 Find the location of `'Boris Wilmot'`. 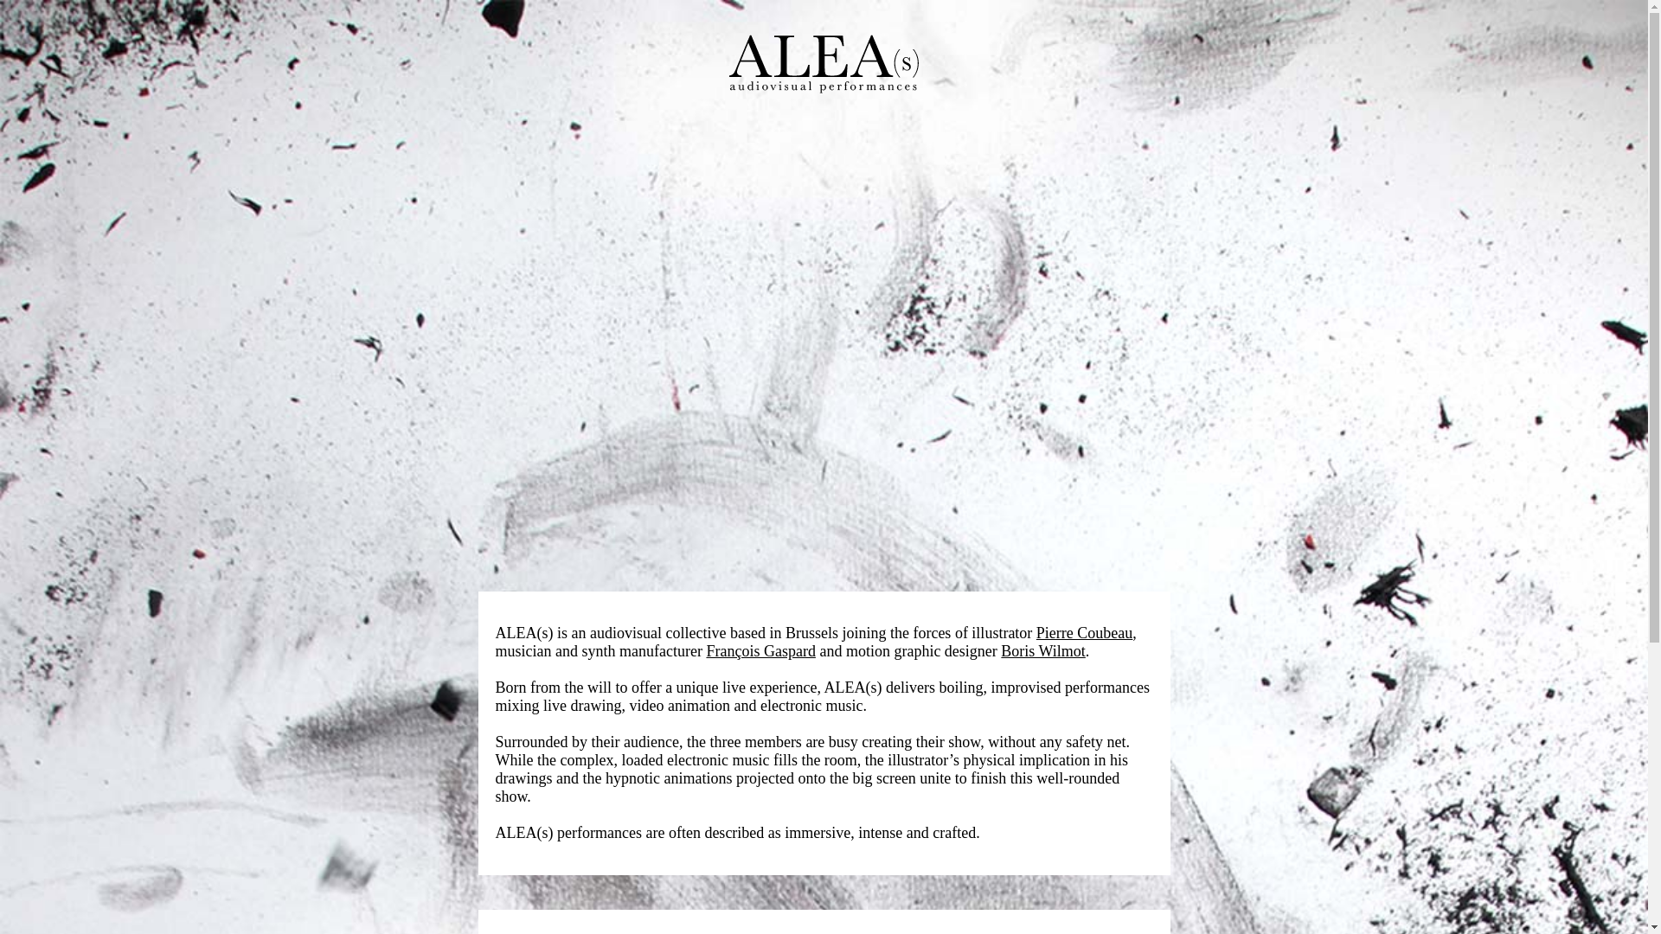

'Boris Wilmot' is located at coordinates (1000, 650).